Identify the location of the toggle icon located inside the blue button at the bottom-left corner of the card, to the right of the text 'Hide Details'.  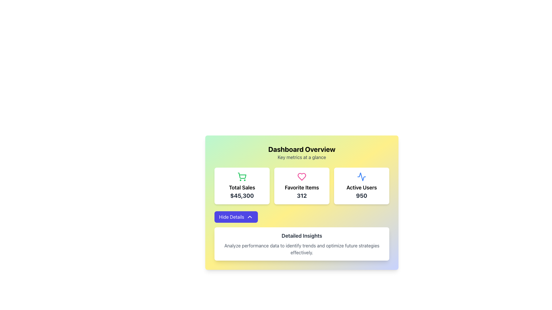
(250, 217).